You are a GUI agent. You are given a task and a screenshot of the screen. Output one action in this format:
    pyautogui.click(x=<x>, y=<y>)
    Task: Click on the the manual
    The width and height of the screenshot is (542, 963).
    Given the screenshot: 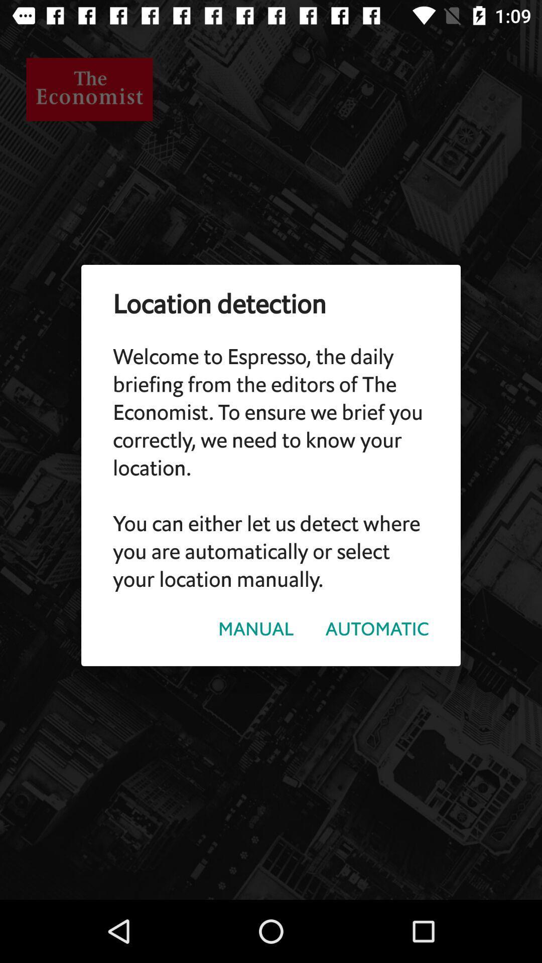 What is the action you would take?
    pyautogui.click(x=255, y=628)
    